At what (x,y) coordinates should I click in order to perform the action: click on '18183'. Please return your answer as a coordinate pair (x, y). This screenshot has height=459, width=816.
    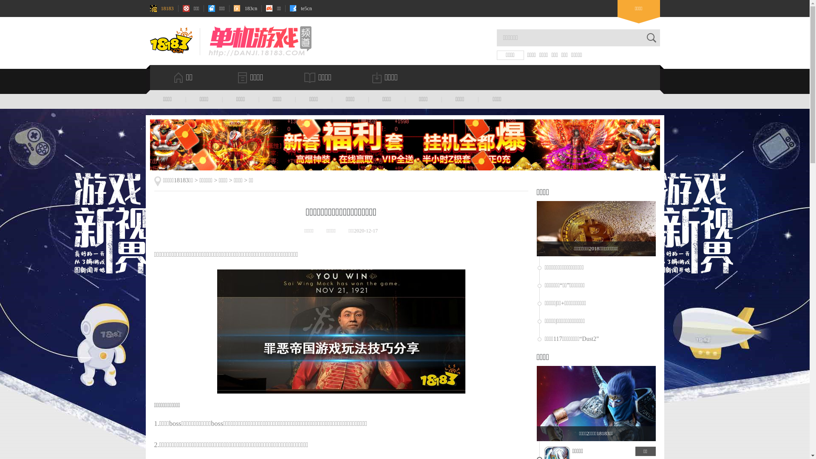
    Looking at the image, I should click on (161, 8).